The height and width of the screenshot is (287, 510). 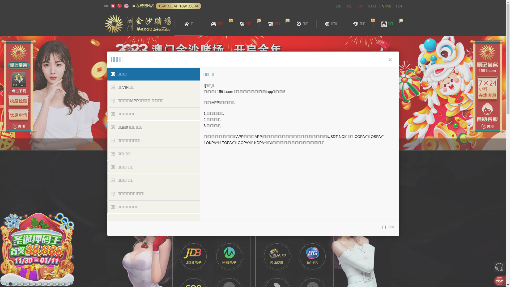 What do you see at coordinates (123, 6) in the screenshot?
I see `'English'` at bounding box center [123, 6].